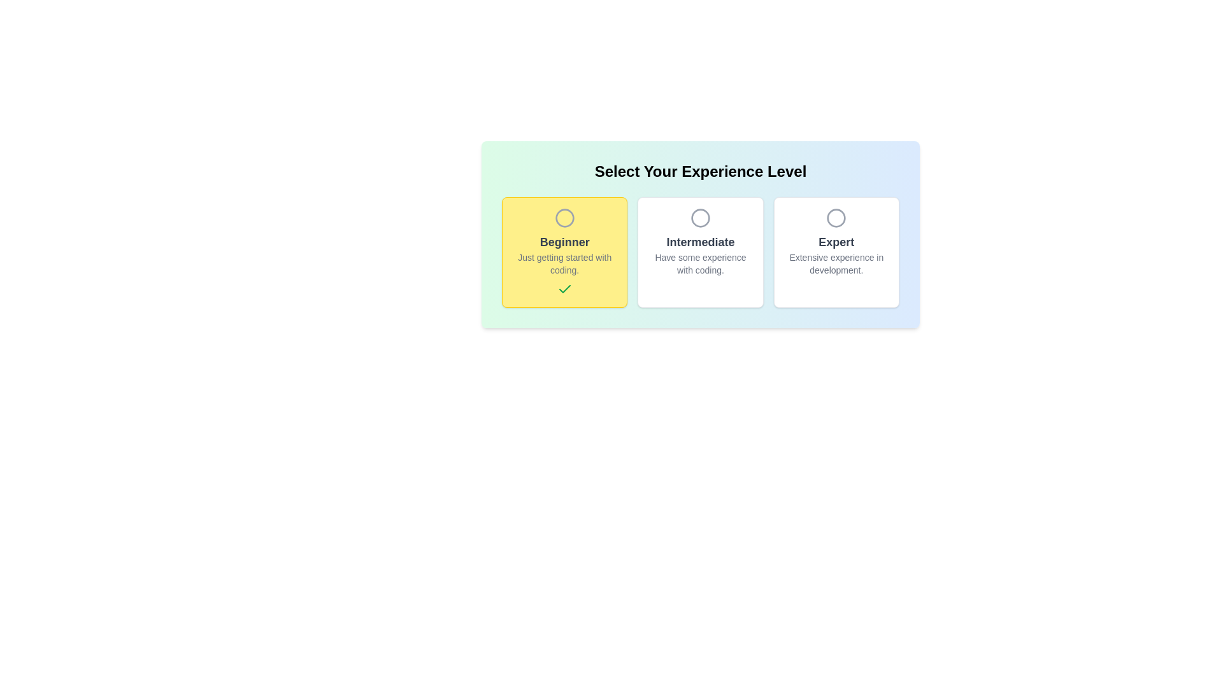  What do you see at coordinates (699, 255) in the screenshot?
I see `text from the central Text Label that displays 'Intermediate' and 'Have some experience with coding.'` at bounding box center [699, 255].